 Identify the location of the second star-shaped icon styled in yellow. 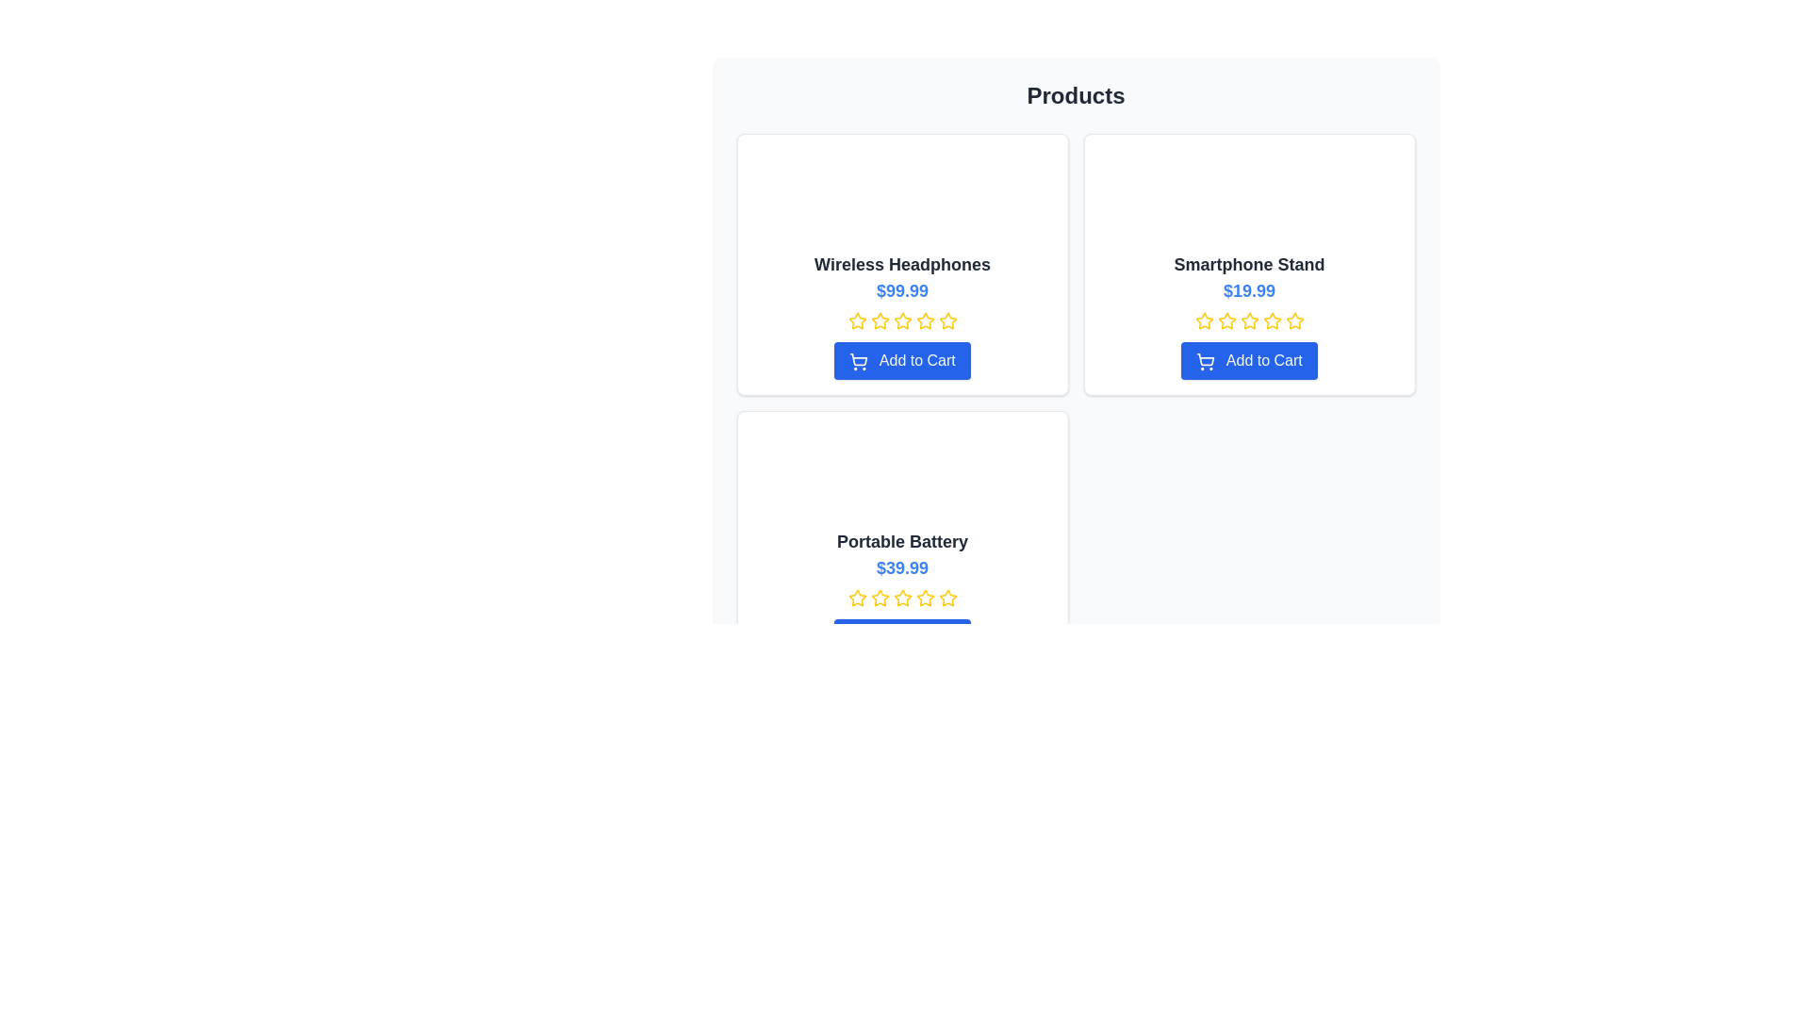
(1226, 320).